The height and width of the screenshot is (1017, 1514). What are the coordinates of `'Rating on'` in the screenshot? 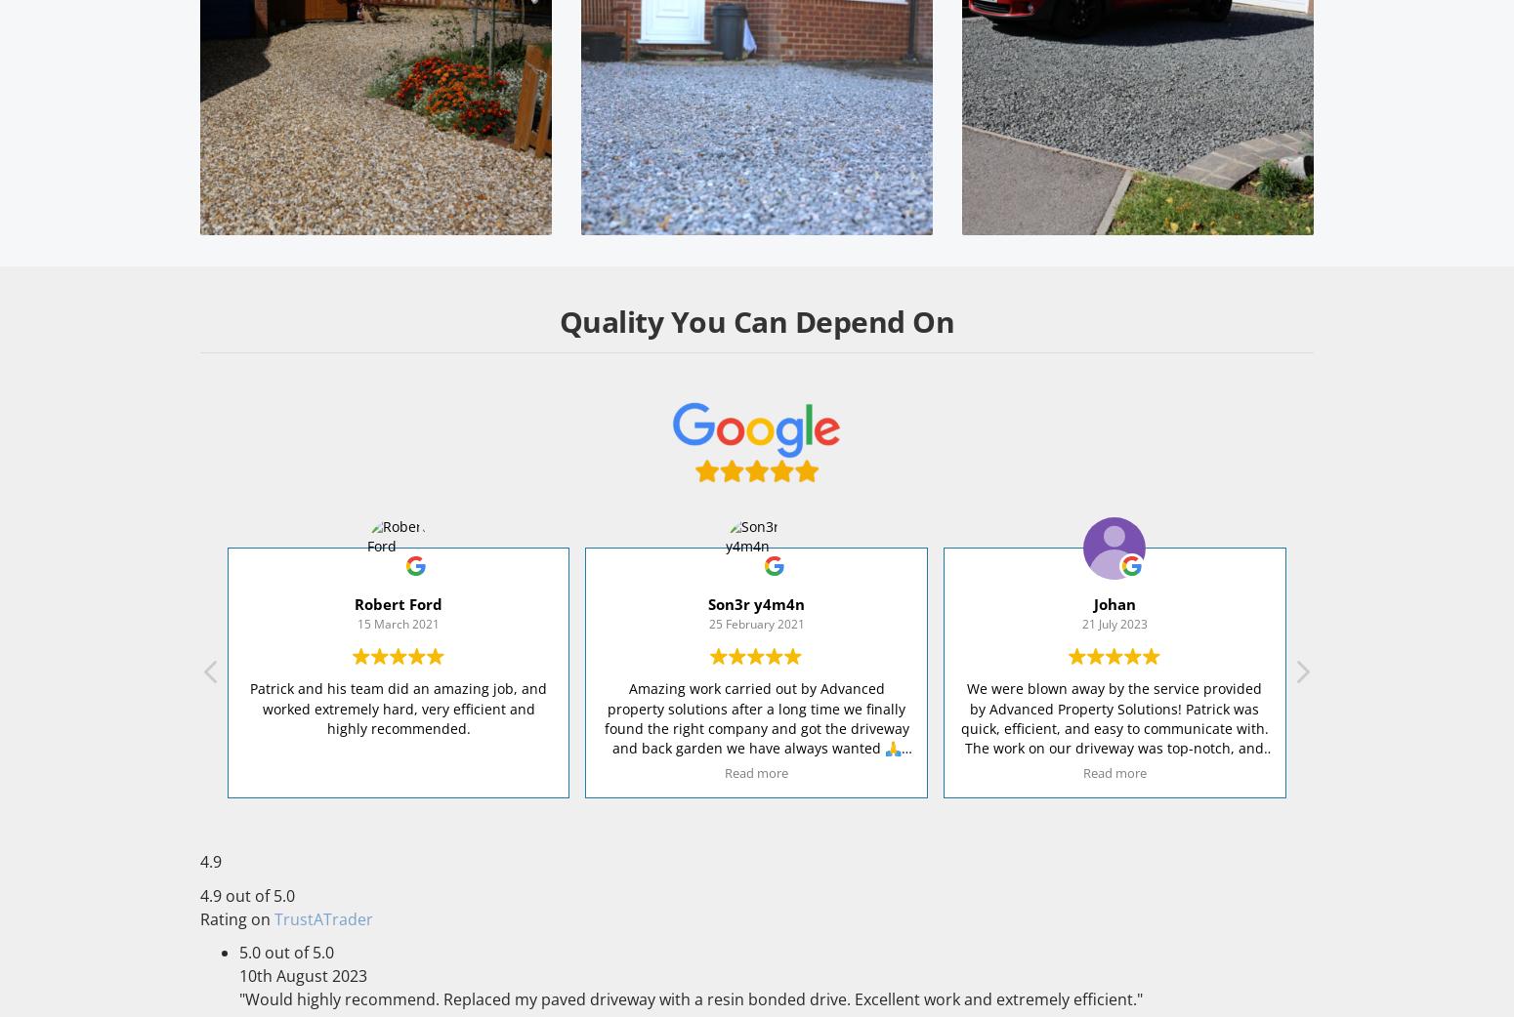 It's located at (237, 917).